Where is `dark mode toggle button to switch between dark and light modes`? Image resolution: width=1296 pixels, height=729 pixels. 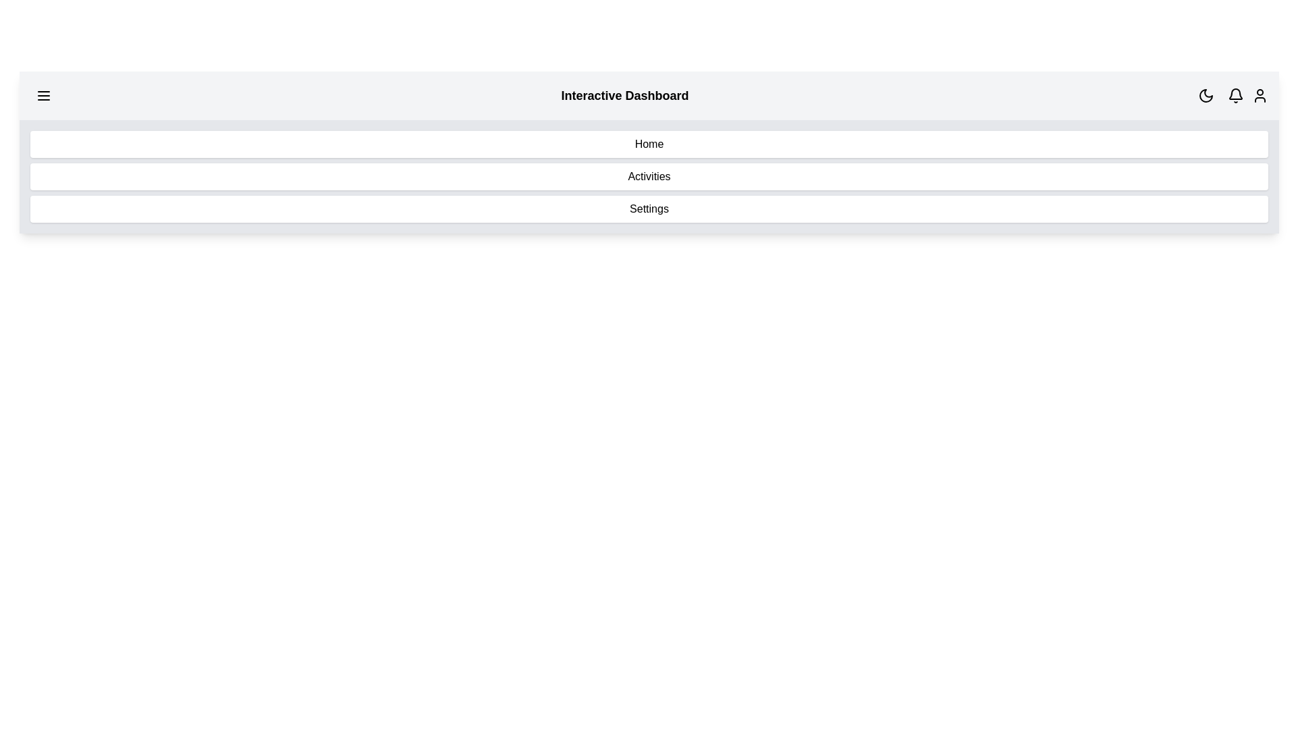
dark mode toggle button to switch between dark and light modes is located at coordinates (1206, 95).